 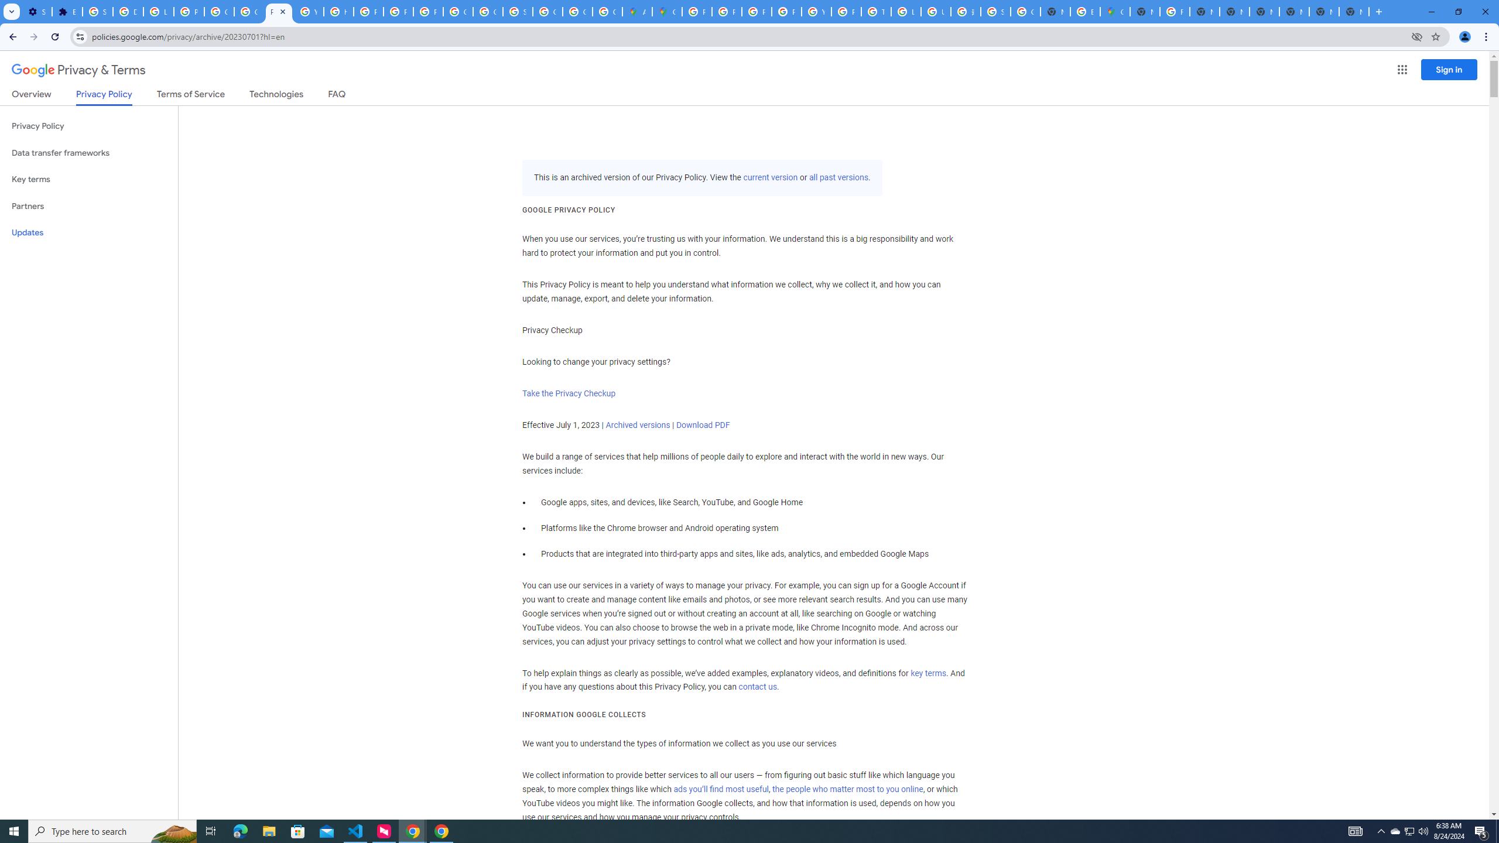 What do you see at coordinates (876, 11) in the screenshot?
I see `'Tips & tricks for Chrome - Google Chrome Help'` at bounding box center [876, 11].